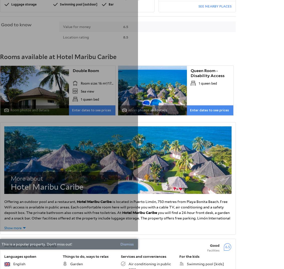 Image resolution: width=284 pixels, height=269 pixels. What do you see at coordinates (121, 256) in the screenshot?
I see `'Services and conveniences'` at bounding box center [121, 256].